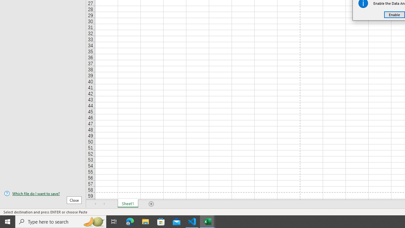 The width and height of the screenshot is (405, 228). I want to click on 'Type here to search', so click(61, 221).